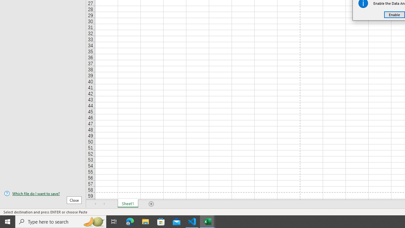 The width and height of the screenshot is (405, 228). I want to click on 'Type here to search', so click(61, 221).